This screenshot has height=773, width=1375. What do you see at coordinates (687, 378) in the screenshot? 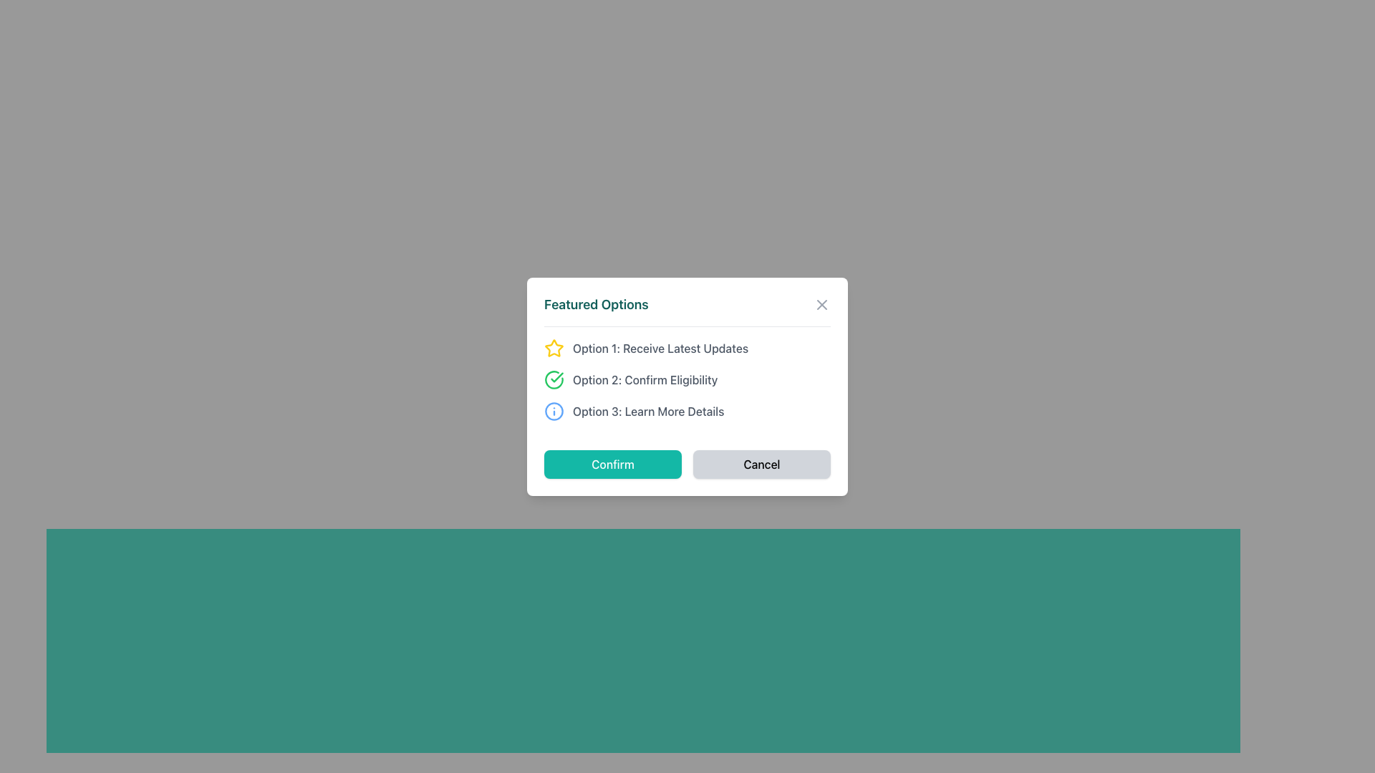
I see `the selectable options within the list of options with icons located in the 'Featured Options' dialog box, positioned just below the title and above the 'Confirm' and 'Cancel' buttons` at bounding box center [687, 378].